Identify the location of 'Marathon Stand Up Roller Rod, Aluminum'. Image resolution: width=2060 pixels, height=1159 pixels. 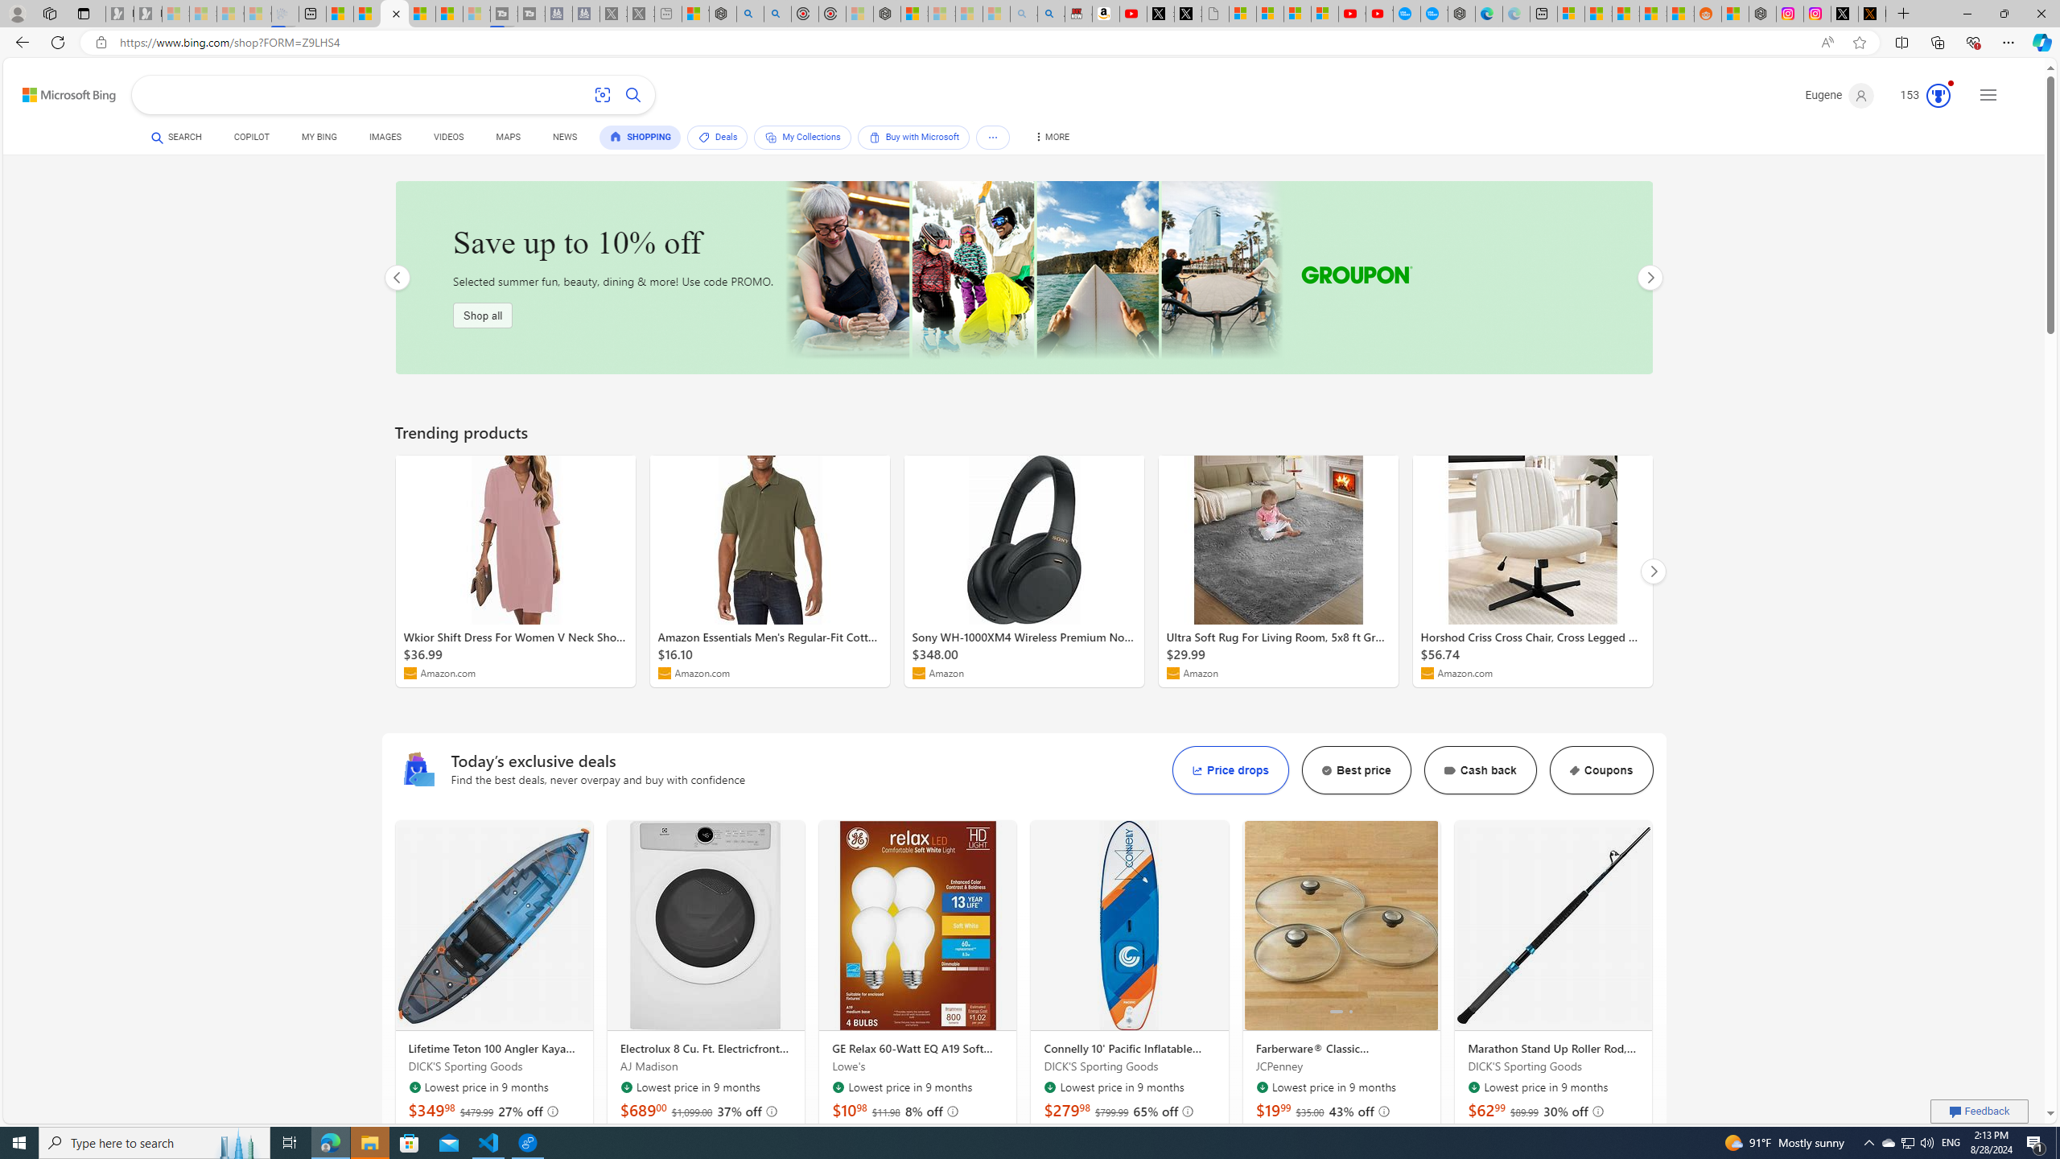
(1552, 924).